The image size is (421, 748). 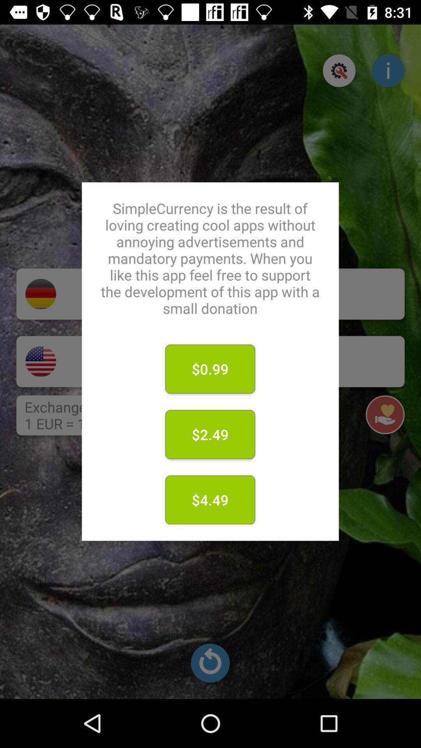 I want to click on go back, so click(x=210, y=663).